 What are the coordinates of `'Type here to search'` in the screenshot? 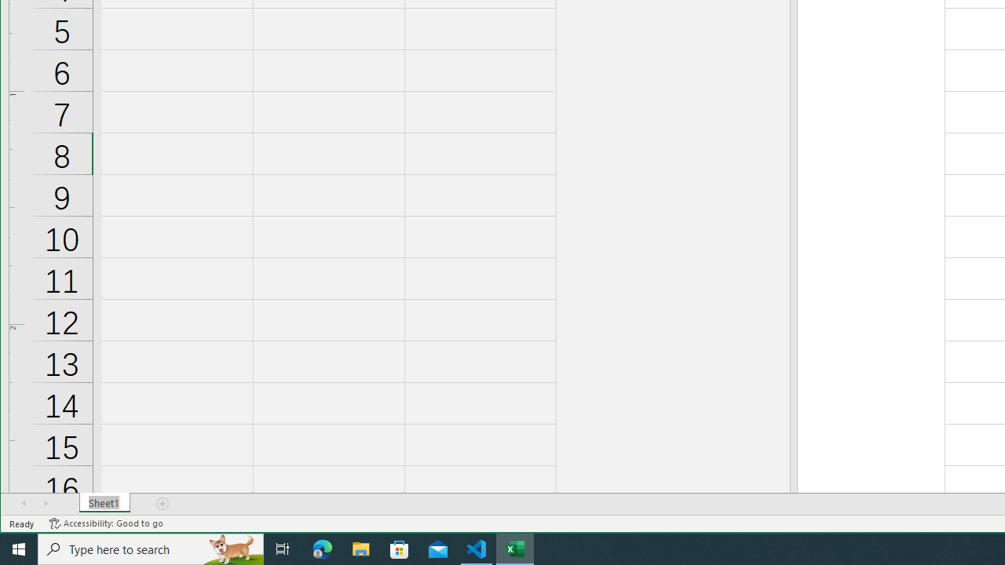 It's located at (151, 548).